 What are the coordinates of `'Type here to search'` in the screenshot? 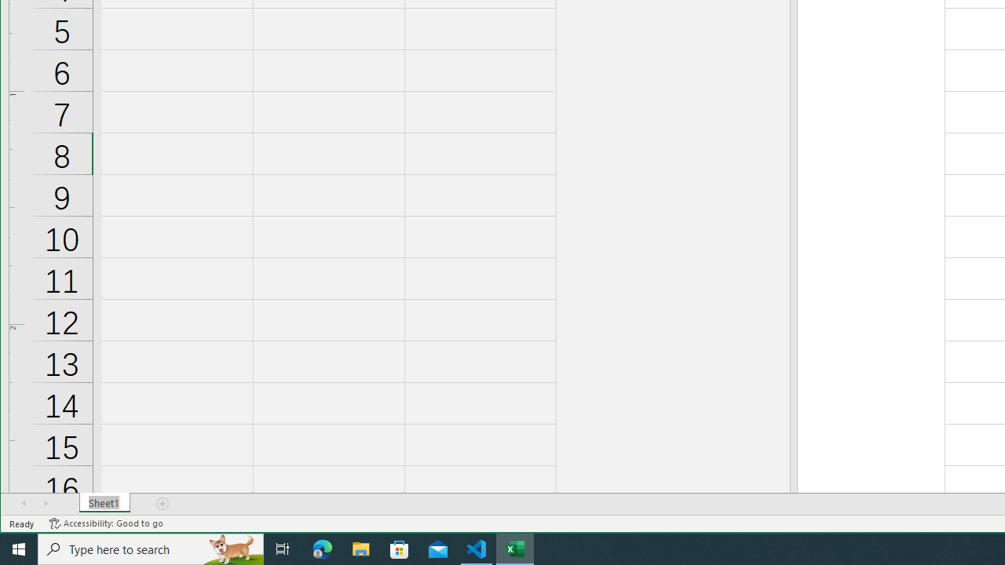 It's located at (151, 548).